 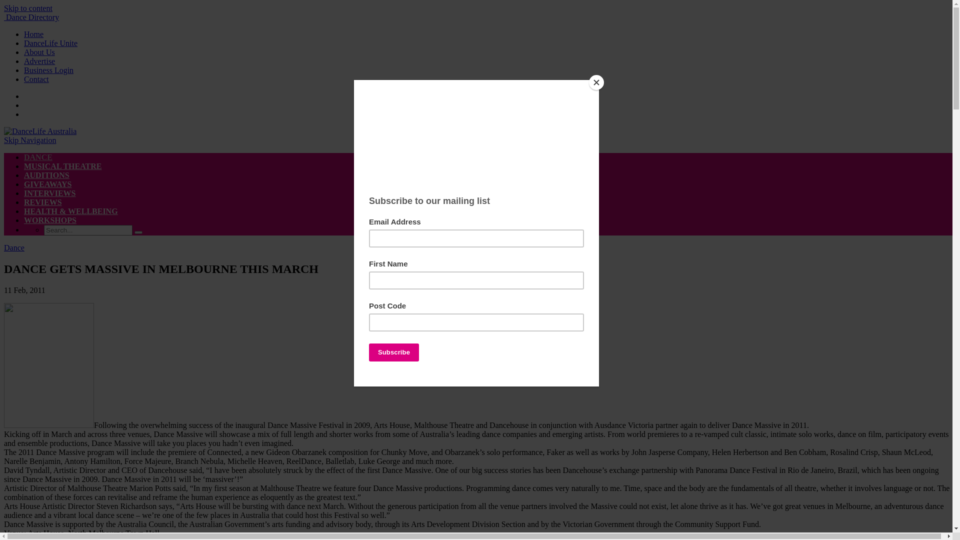 What do you see at coordinates (36, 78) in the screenshot?
I see `'Contact'` at bounding box center [36, 78].